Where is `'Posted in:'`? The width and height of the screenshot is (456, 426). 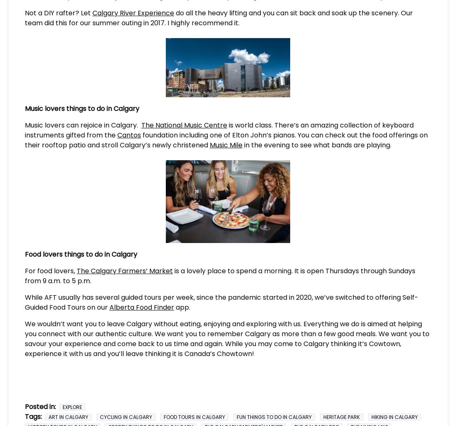
'Posted in:' is located at coordinates (40, 406).